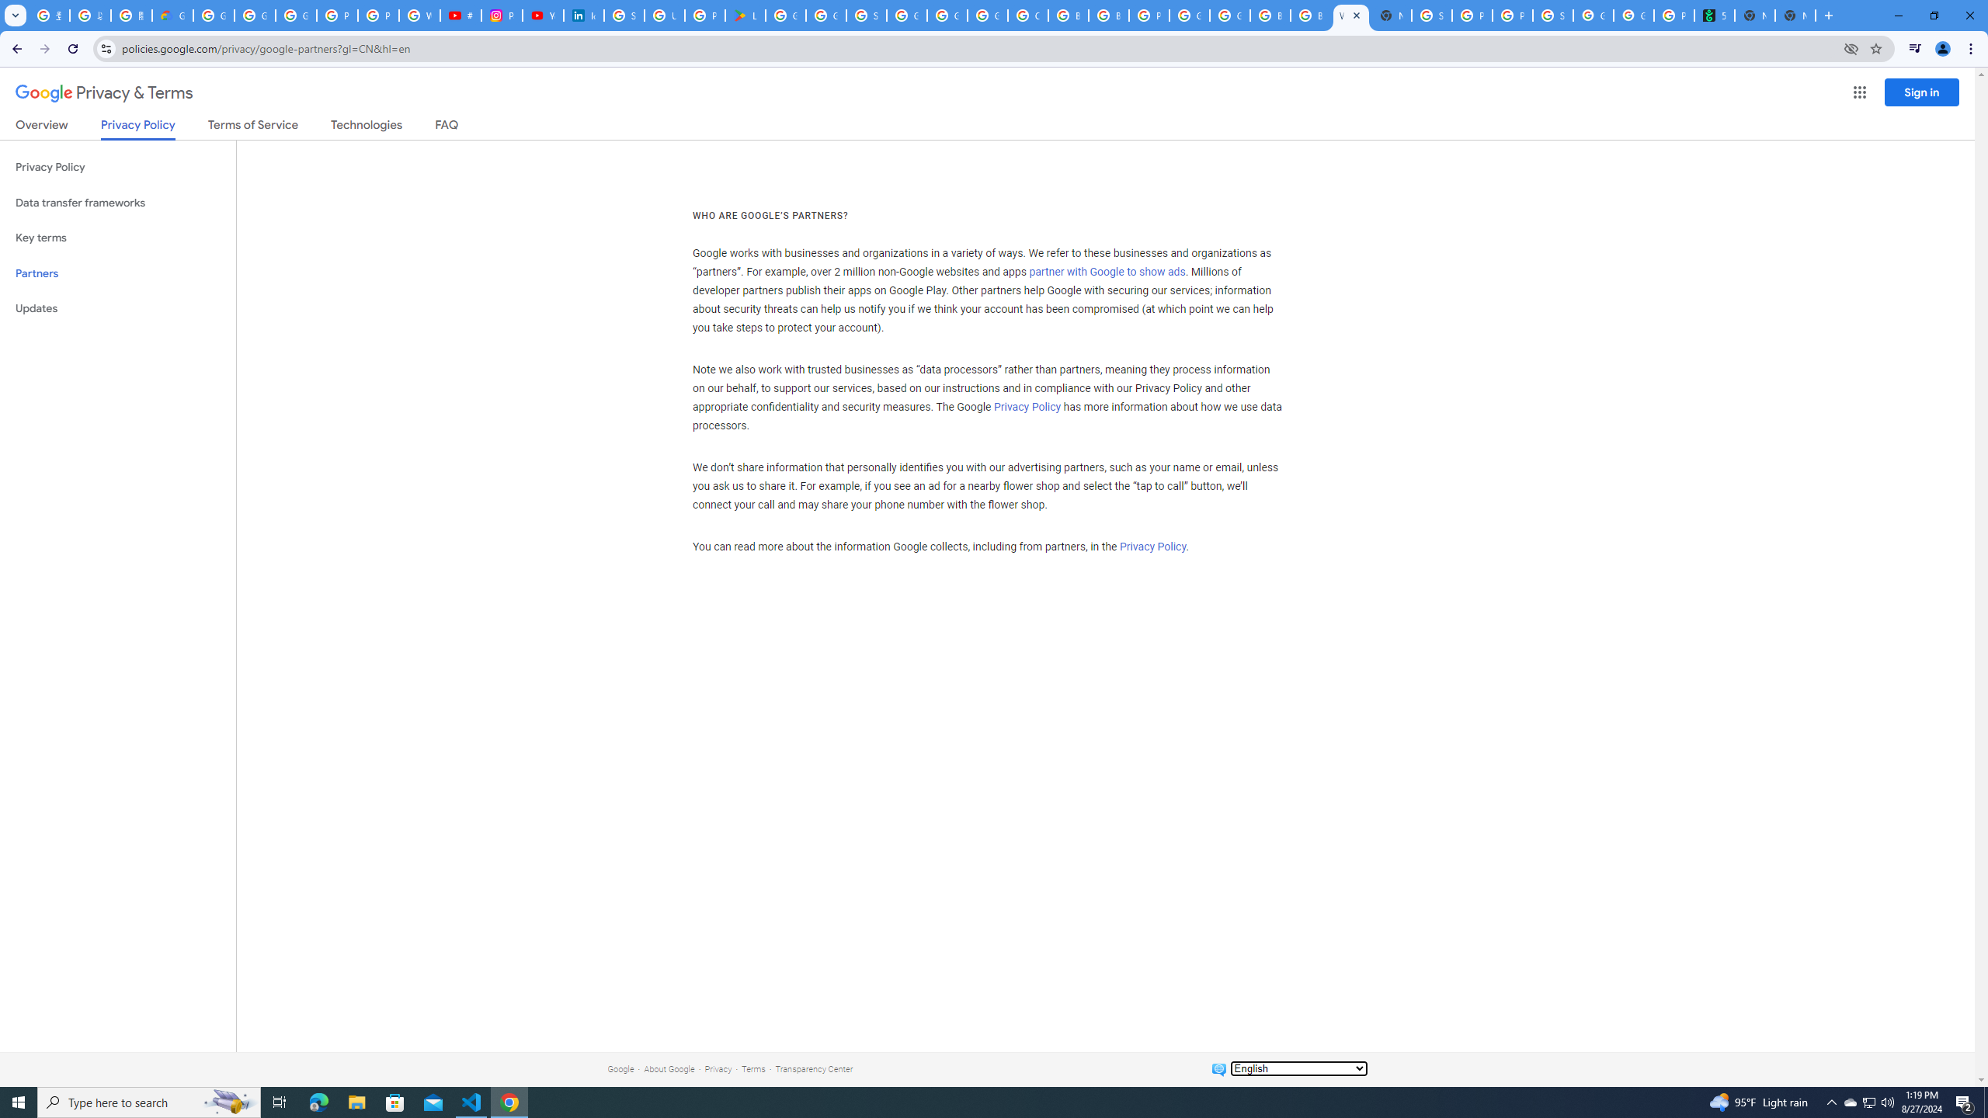 The image size is (1988, 1118). Describe the element at coordinates (460, 15) in the screenshot. I see `'#nbabasketballhighlights - YouTube'` at that location.